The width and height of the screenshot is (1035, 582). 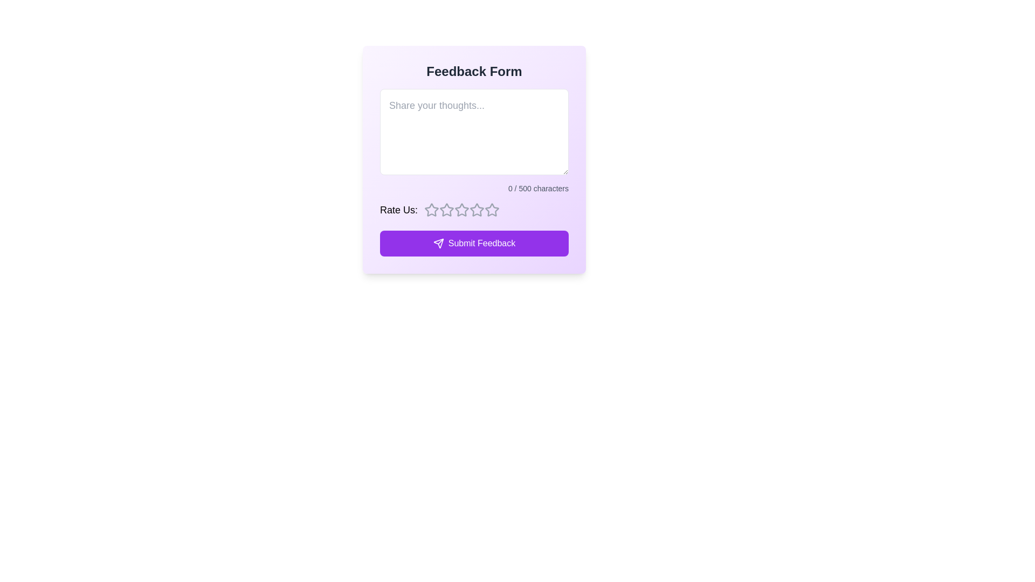 What do you see at coordinates (477, 210) in the screenshot?
I see `the third star icon in the feedback form` at bounding box center [477, 210].